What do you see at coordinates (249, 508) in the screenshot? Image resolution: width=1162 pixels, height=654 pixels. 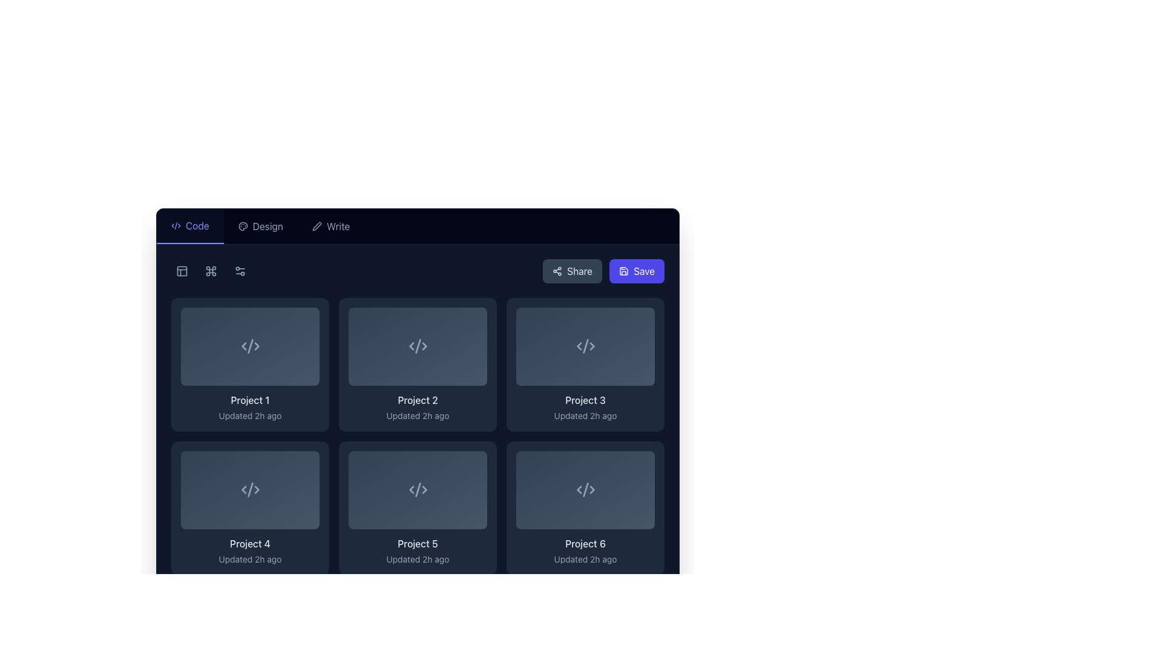 I see `the project card located` at bounding box center [249, 508].